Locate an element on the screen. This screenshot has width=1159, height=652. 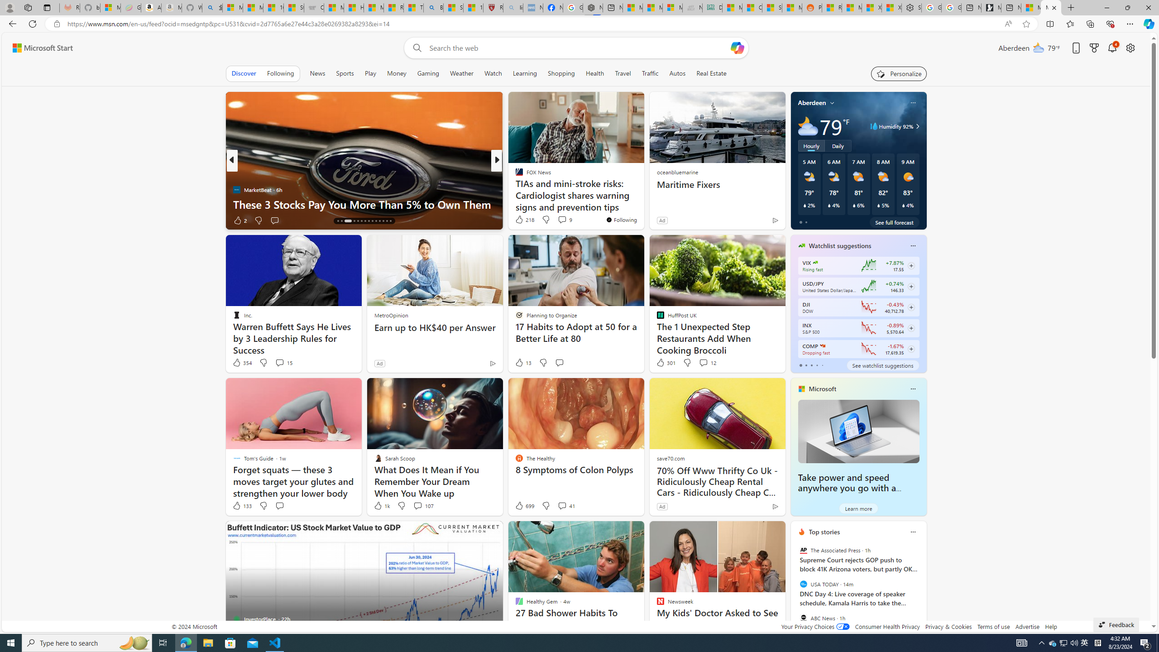
'MetroOpinion' is located at coordinates (391, 315).